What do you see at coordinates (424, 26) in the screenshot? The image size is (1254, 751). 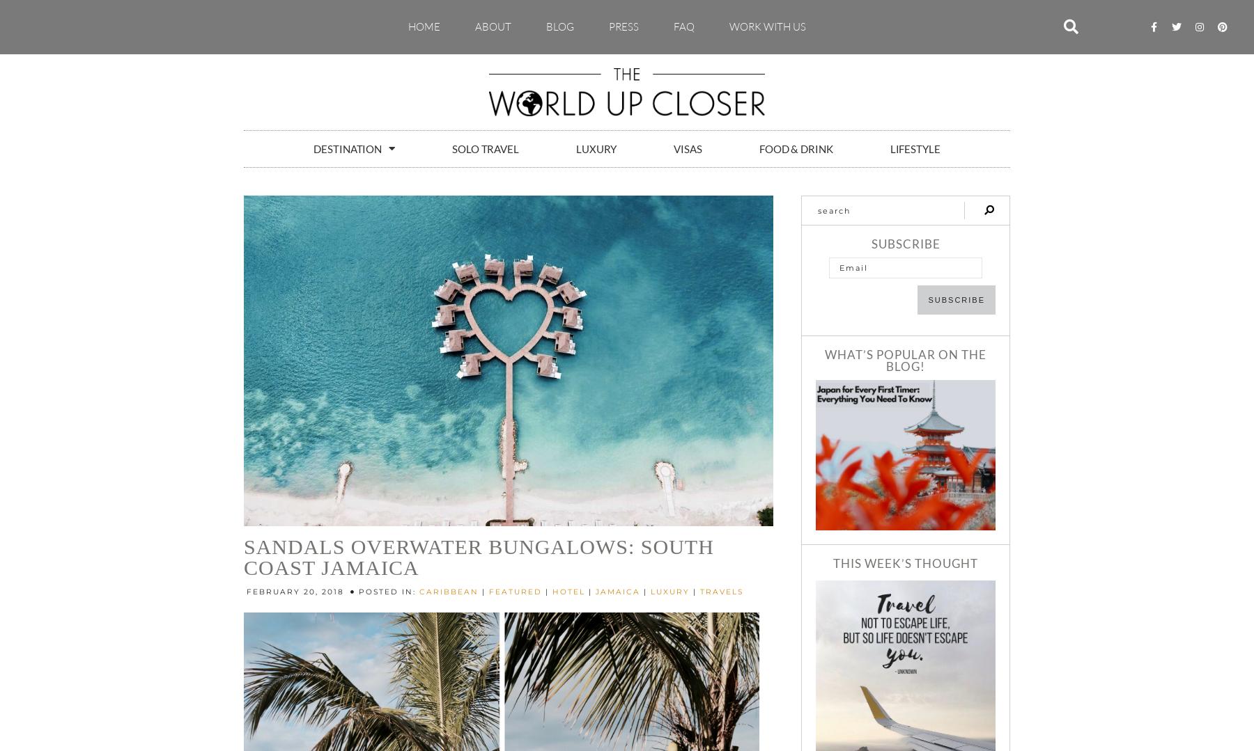 I see `'Home'` at bounding box center [424, 26].